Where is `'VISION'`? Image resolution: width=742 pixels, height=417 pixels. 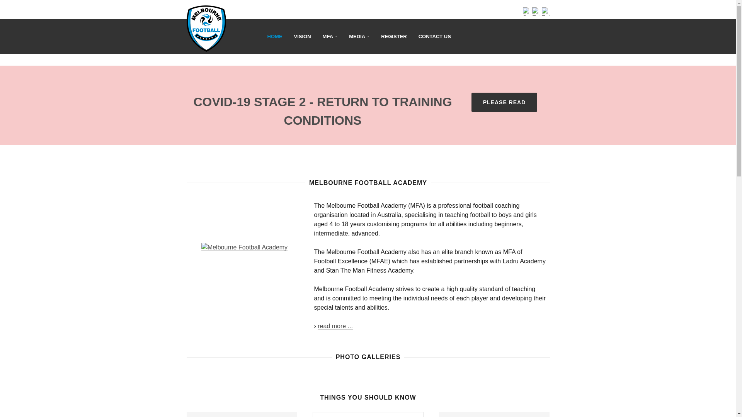 'VISION' is located at coordinates (302, 37).